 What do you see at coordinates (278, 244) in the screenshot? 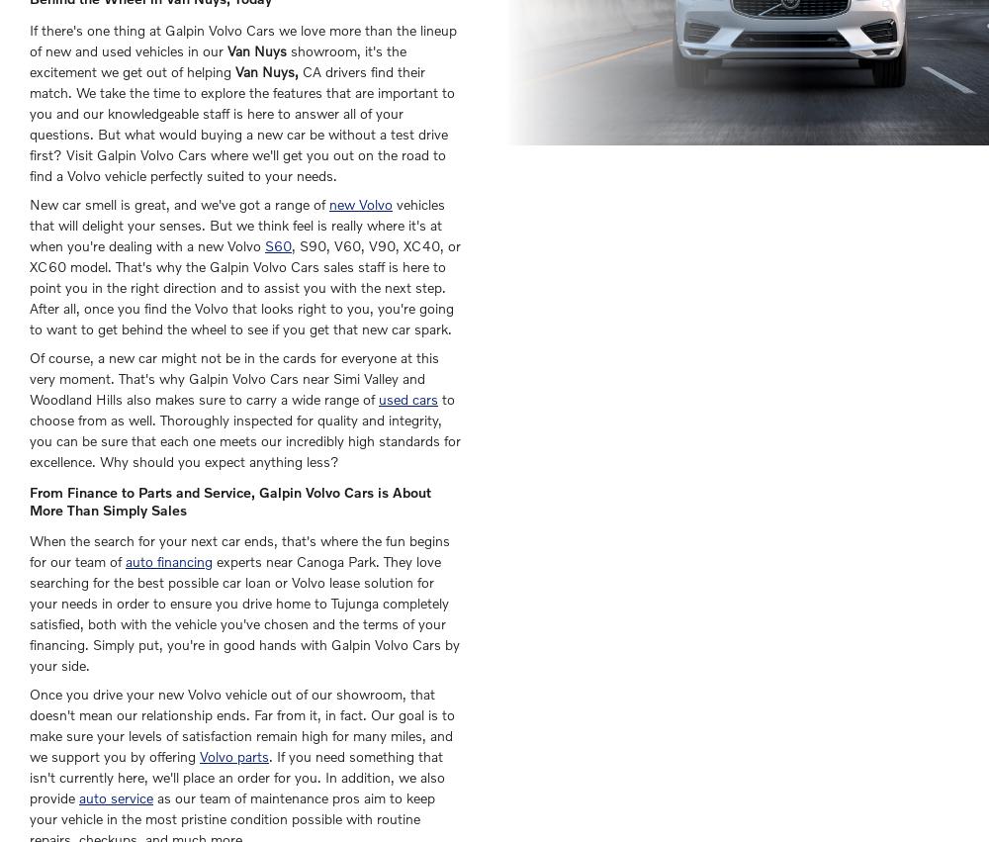
I see `'S60'` at bounding box center [278, 244].